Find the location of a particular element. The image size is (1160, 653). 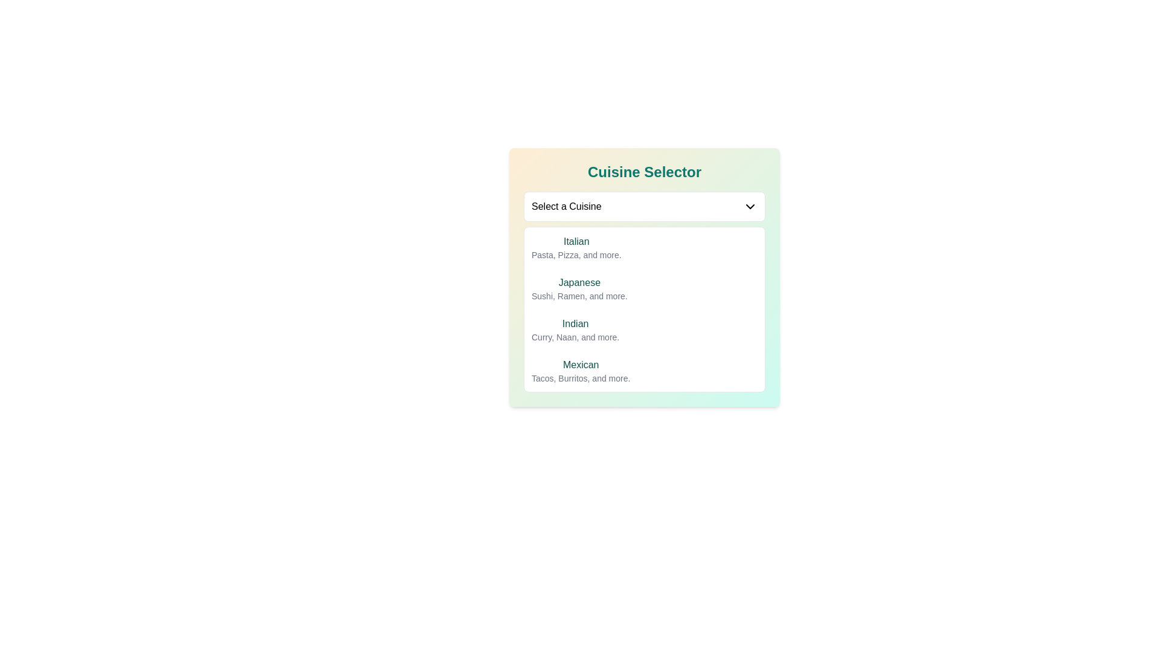

the fourth item in the 'Cuisine Selector' list representing the 'Mexican' cuisine category is located at coordinates (643, 370).